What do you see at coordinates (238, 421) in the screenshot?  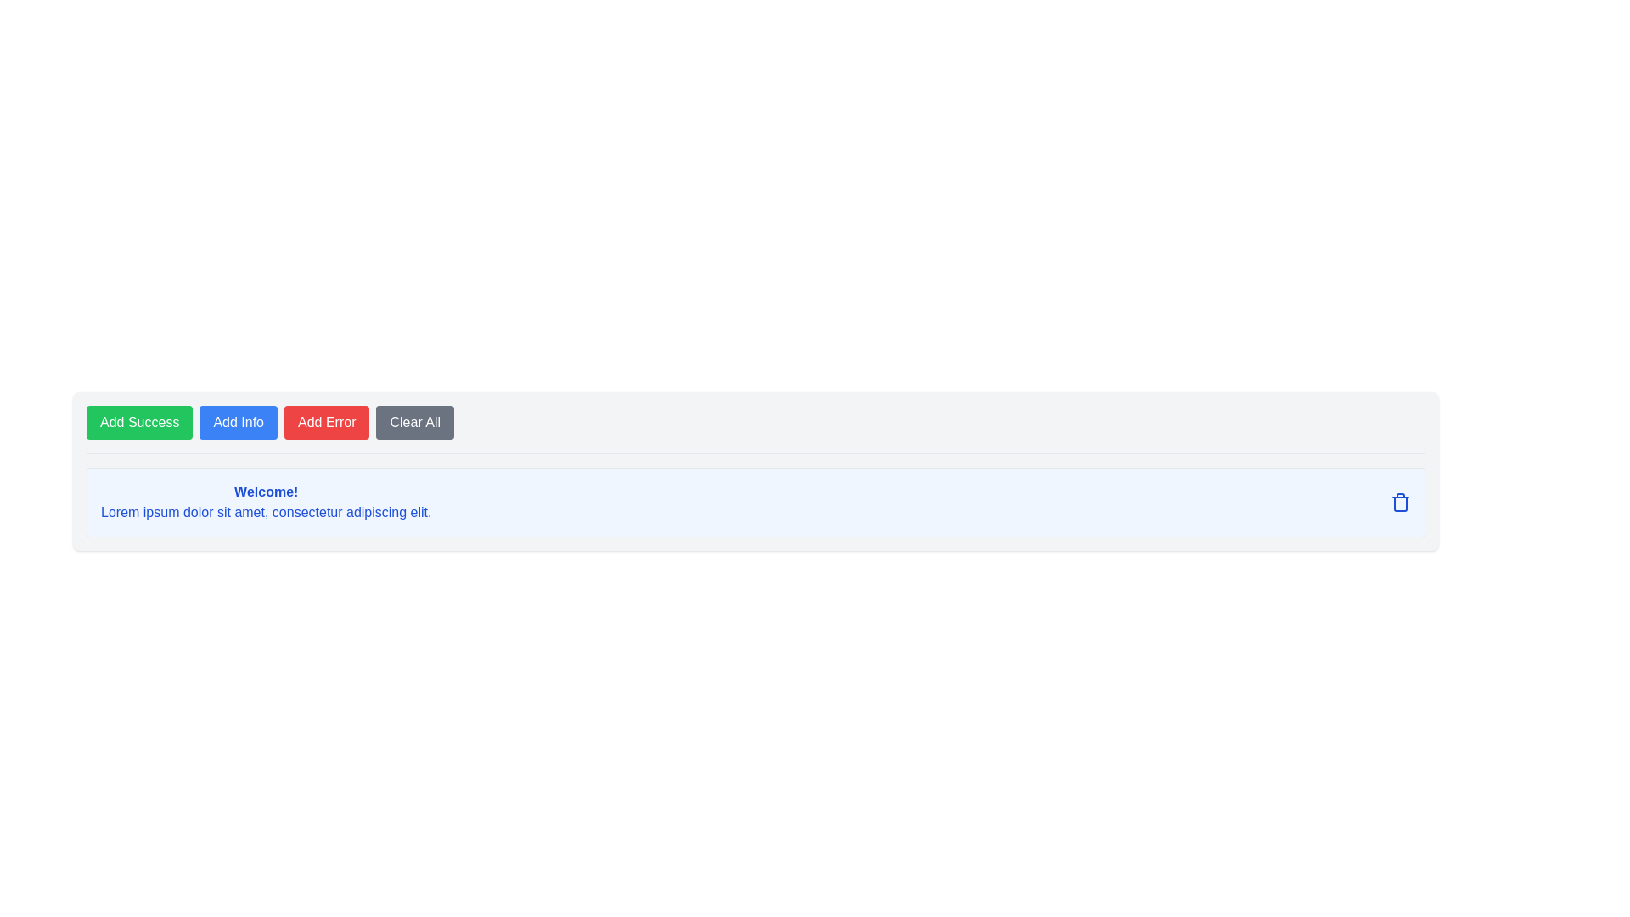 I see `the rectangular button with a blue background and white text reading 'Add Info'` at bounding box center [238, 421].